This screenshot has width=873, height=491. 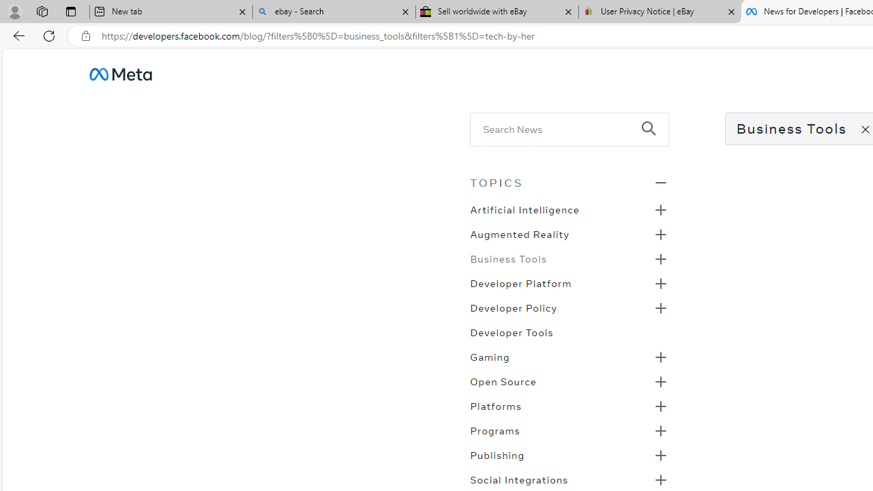 What do you see at coordinates (569, 459) in the screenshot?
I see `'Class: _98ex _98ez'` at bounding box center [569, 459].